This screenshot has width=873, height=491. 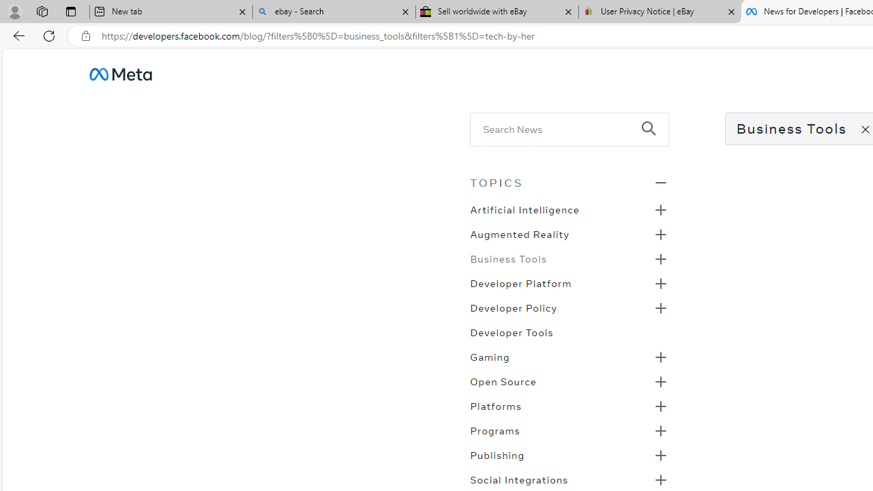 What do you see at coordinates (569, 459) in the screenshot?
I see `'Class: _98ex _98ez'` at bounding box center [569, 459].